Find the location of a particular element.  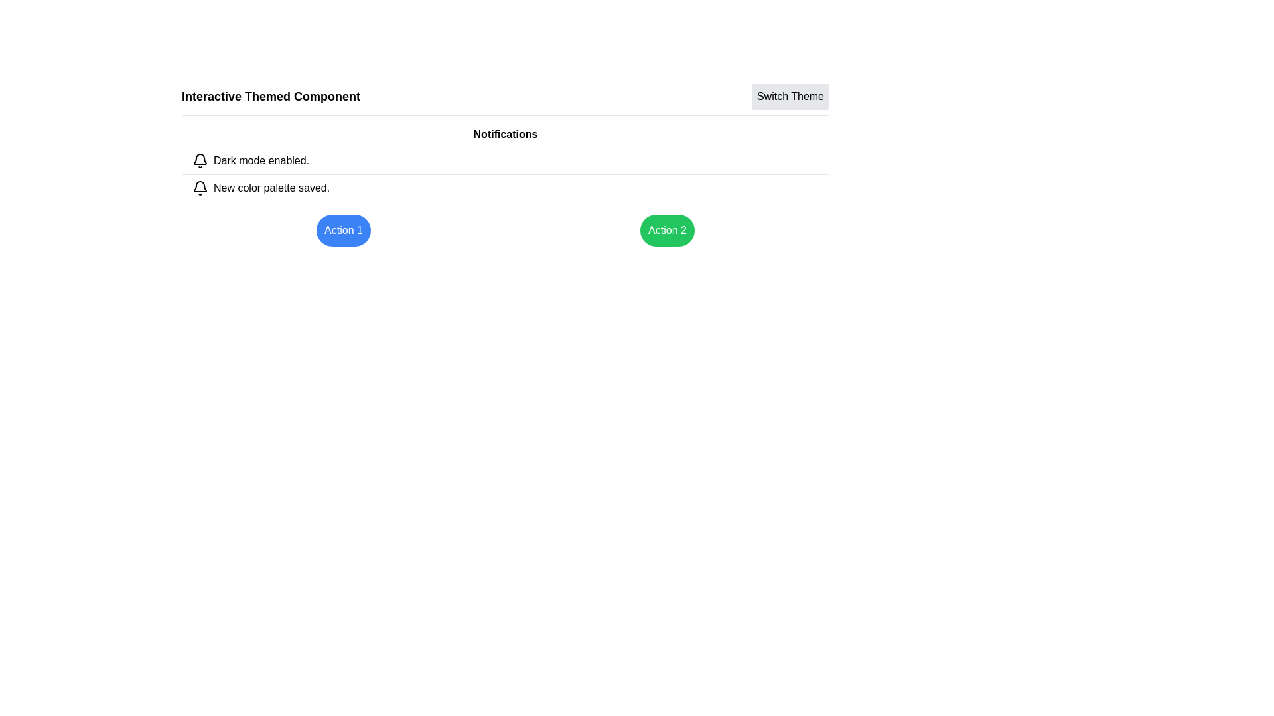

the bell icon representing notifications related to 'Dark mode enabled.' located in the Notifications section is located at coordinates (200, 160).